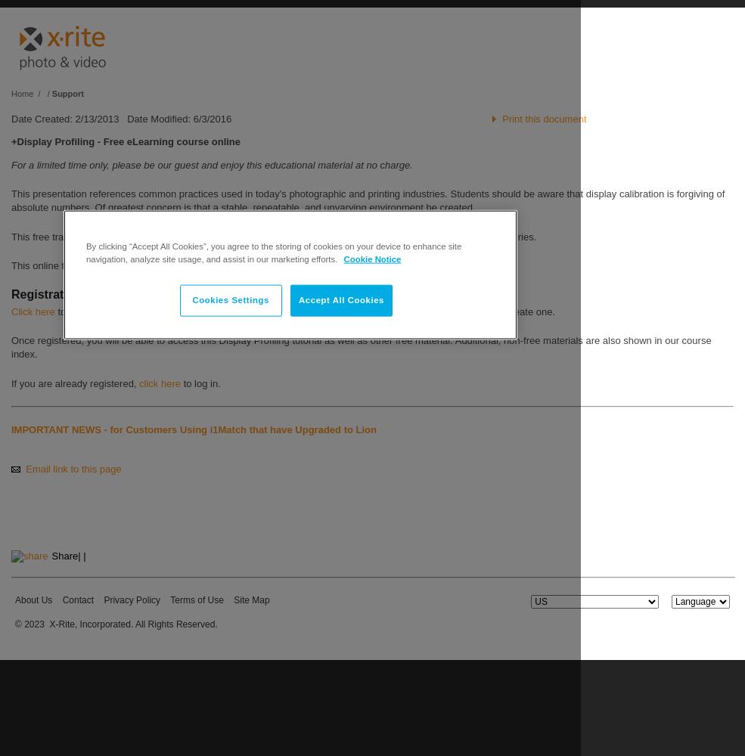  I want to click on 'For a limited time only, please be our guest and enjoy this educational material at no charge.', so click(211, 164).